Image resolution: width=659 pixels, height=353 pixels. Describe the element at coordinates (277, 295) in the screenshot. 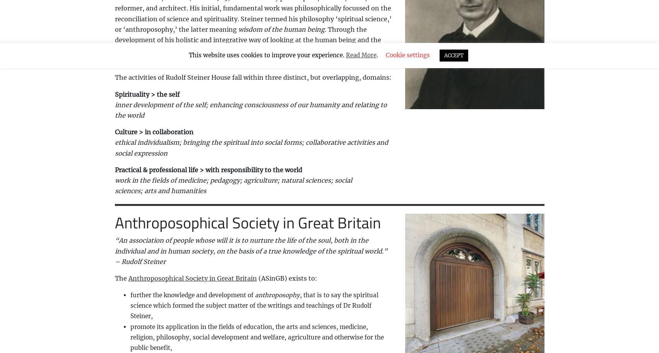

I see `'anthroposophy'` at that location.